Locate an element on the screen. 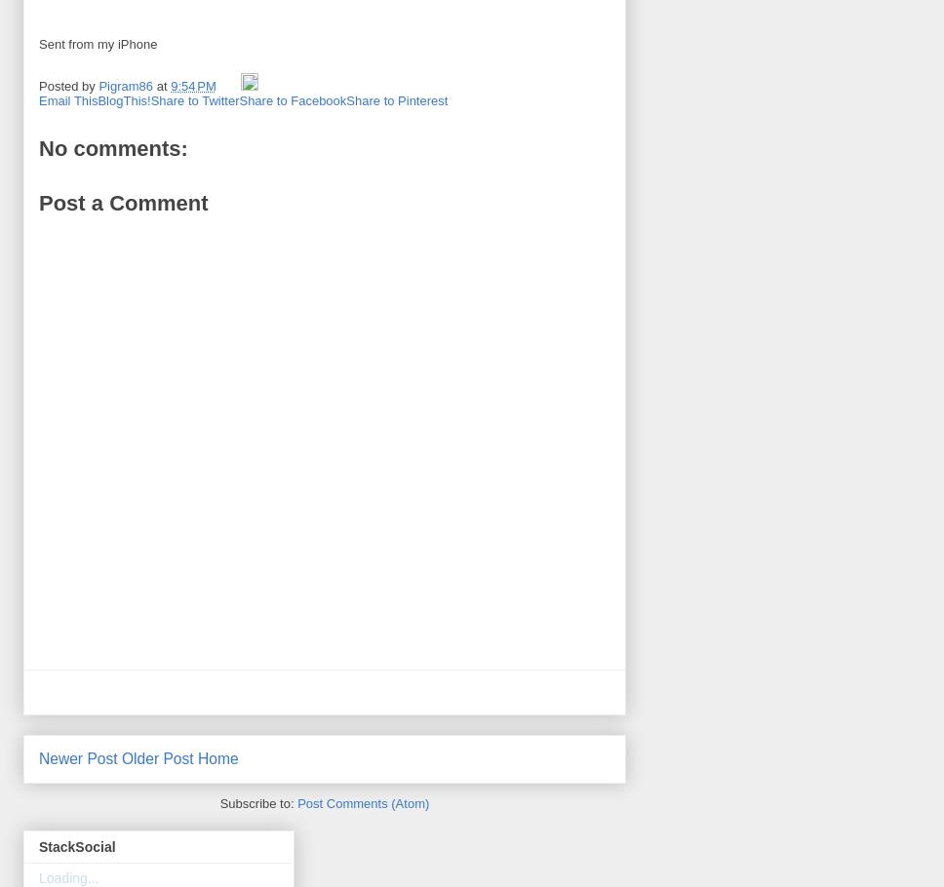  'Subscribe to:' is located at coordinates (258, 802).